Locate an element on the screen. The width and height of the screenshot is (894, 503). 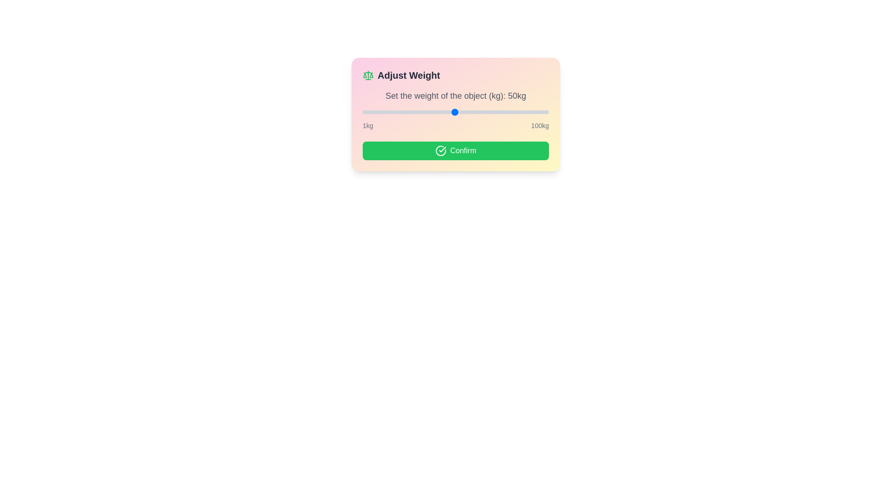
the weight to 96 kg using the slider is located at coordinates (541, 111).